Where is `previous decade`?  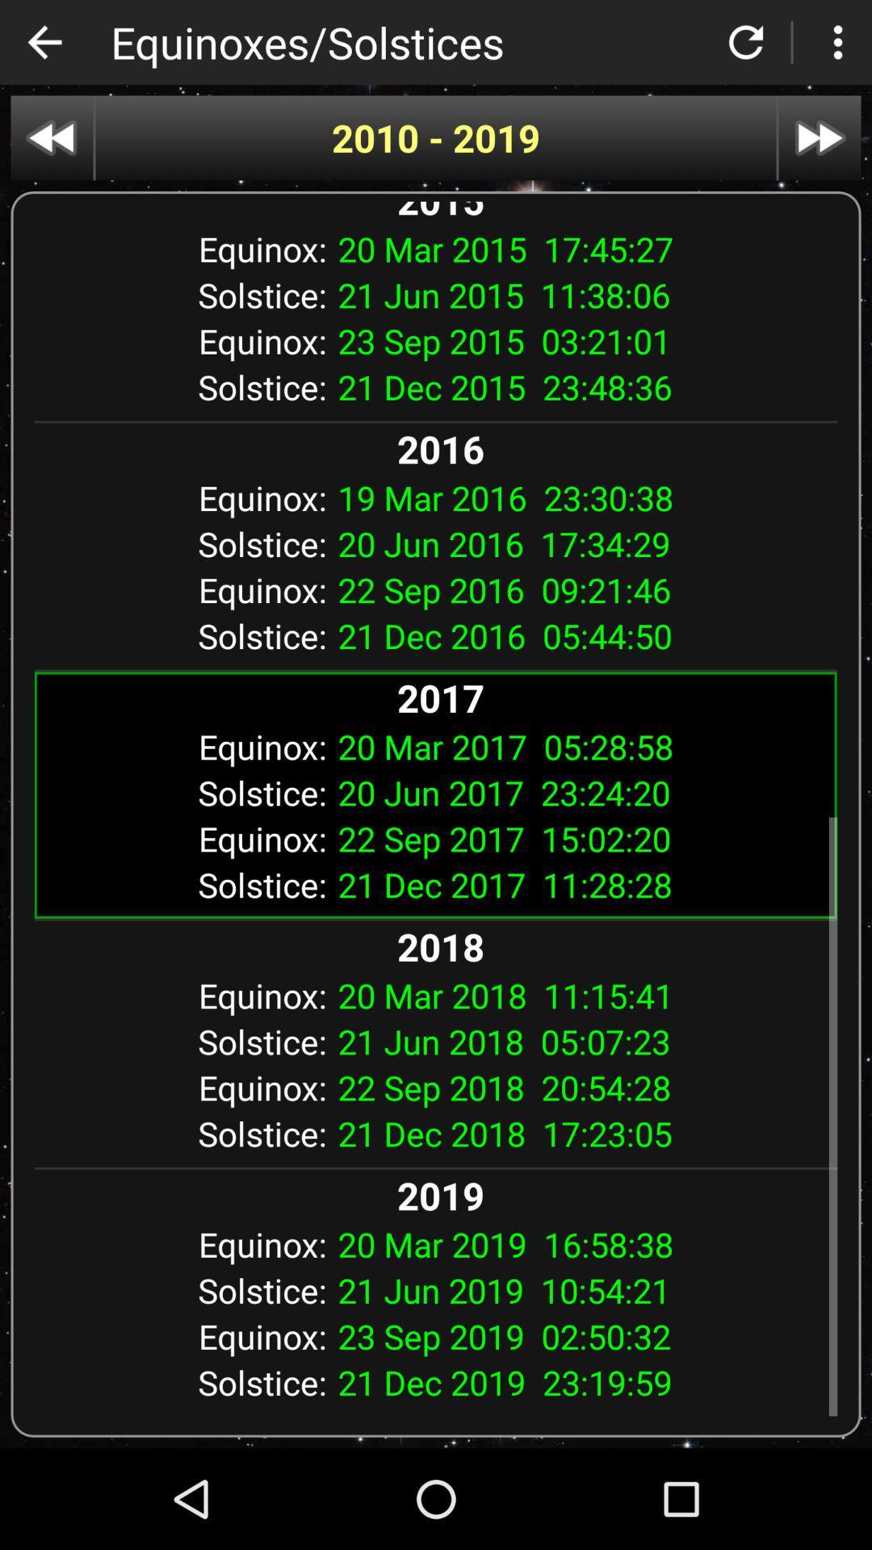 previous decade is located at coordinates (51, 138).